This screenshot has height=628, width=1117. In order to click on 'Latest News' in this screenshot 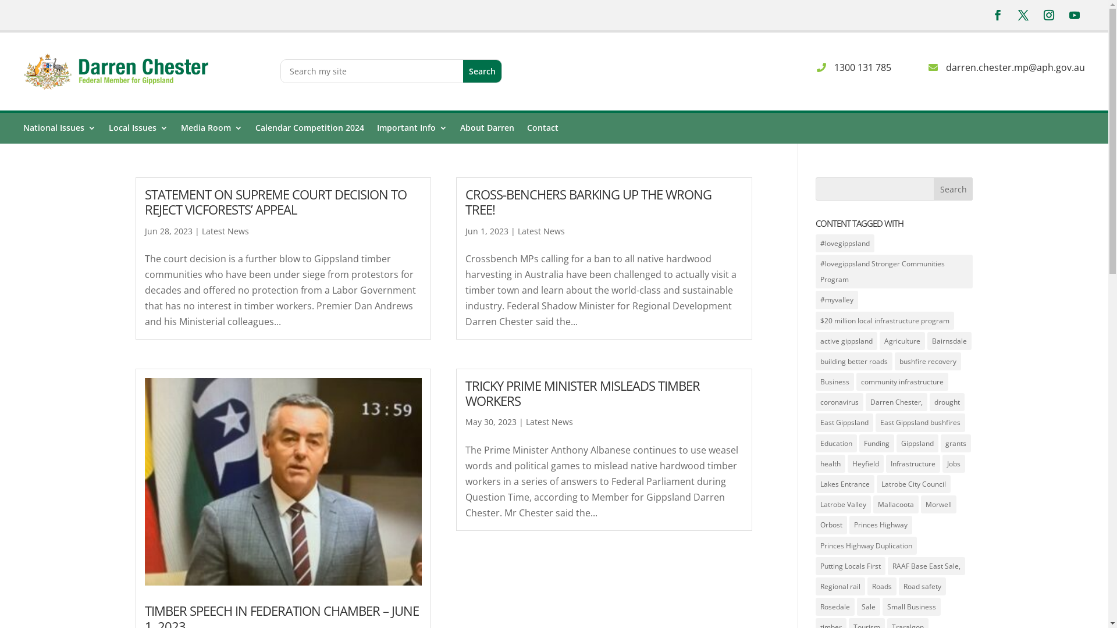, I will do `click(549, 422)`.